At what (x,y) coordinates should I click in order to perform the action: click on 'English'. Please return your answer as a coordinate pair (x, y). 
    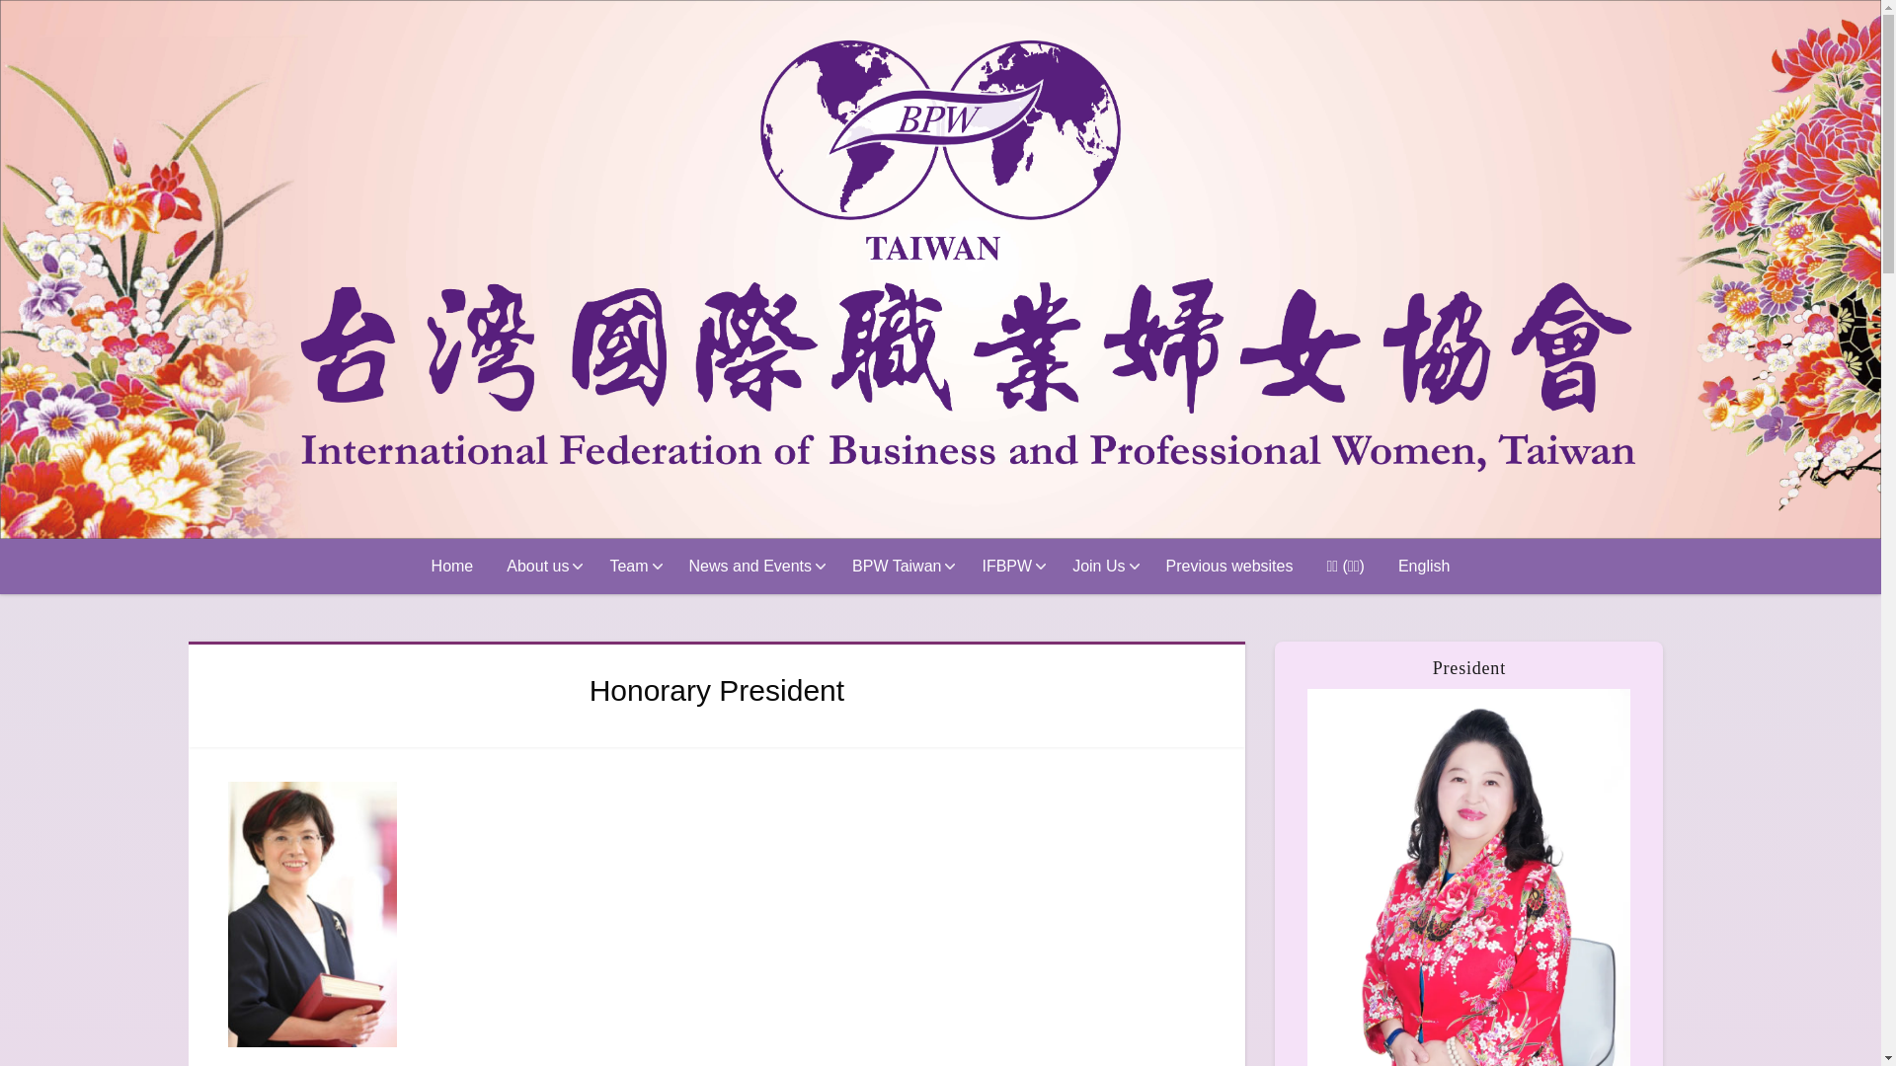
    Looking at the image, I should click on (1423, 567).